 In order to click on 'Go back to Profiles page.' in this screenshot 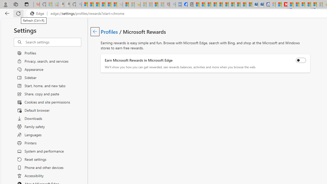, I will do `click(95, 31)`.